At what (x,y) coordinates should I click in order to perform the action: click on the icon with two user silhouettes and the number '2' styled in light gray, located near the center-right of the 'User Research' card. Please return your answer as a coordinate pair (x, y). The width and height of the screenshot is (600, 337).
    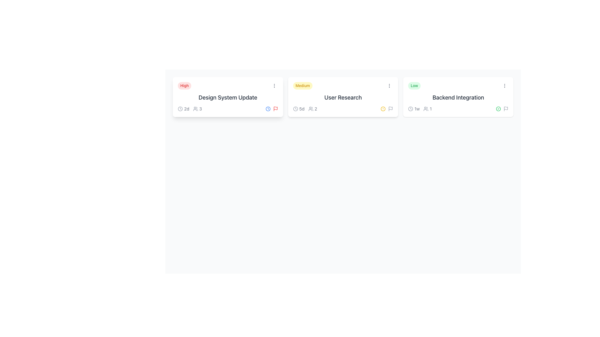
    Looking at the image, I should click on (312, 108).